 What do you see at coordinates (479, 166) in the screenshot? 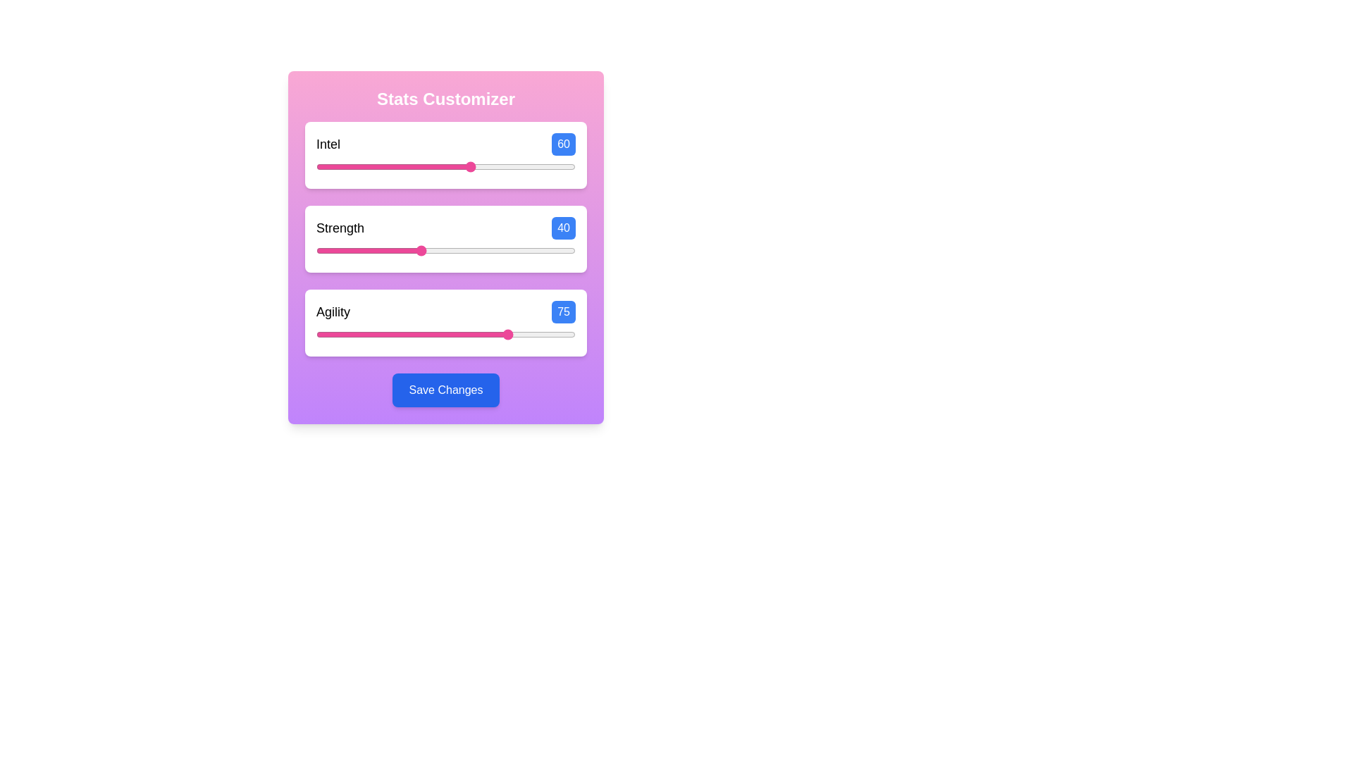
I see `the slider` at bounding box center [479, 166].